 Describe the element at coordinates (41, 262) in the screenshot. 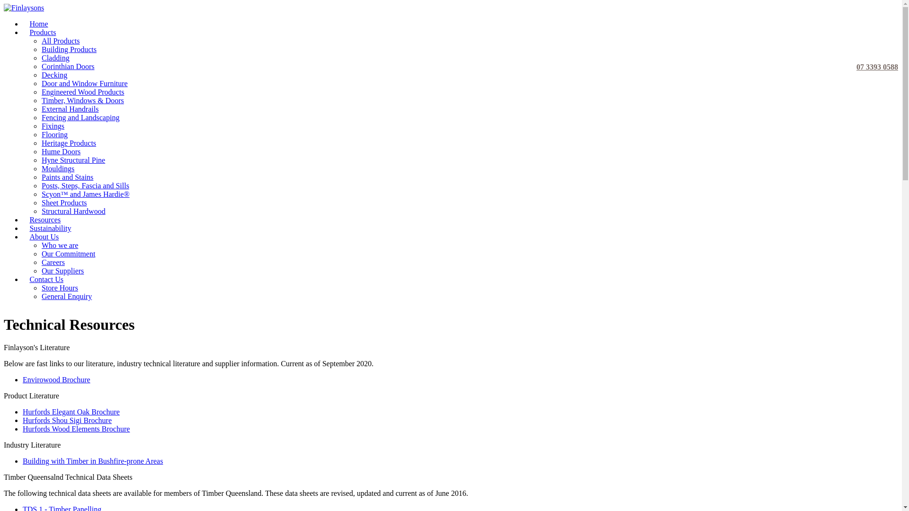

I see `'Careers'` at that location.